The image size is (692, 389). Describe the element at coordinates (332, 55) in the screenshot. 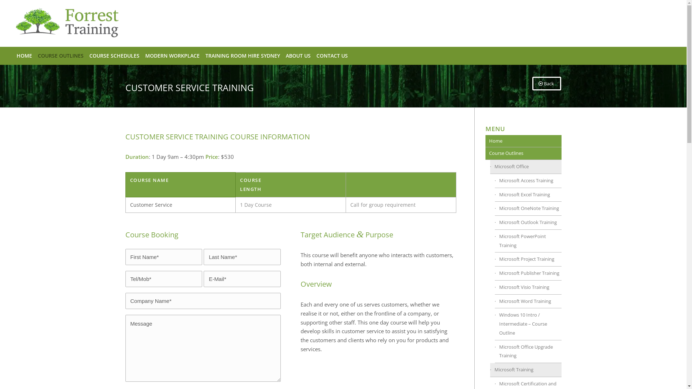

I see `'CONTACT US'` at that location.